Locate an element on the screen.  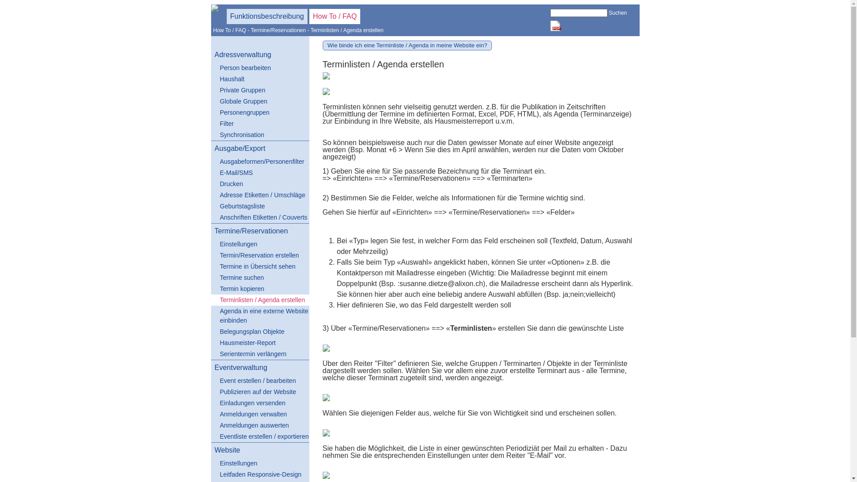
'Filter' is located at coordinates (259, 124).